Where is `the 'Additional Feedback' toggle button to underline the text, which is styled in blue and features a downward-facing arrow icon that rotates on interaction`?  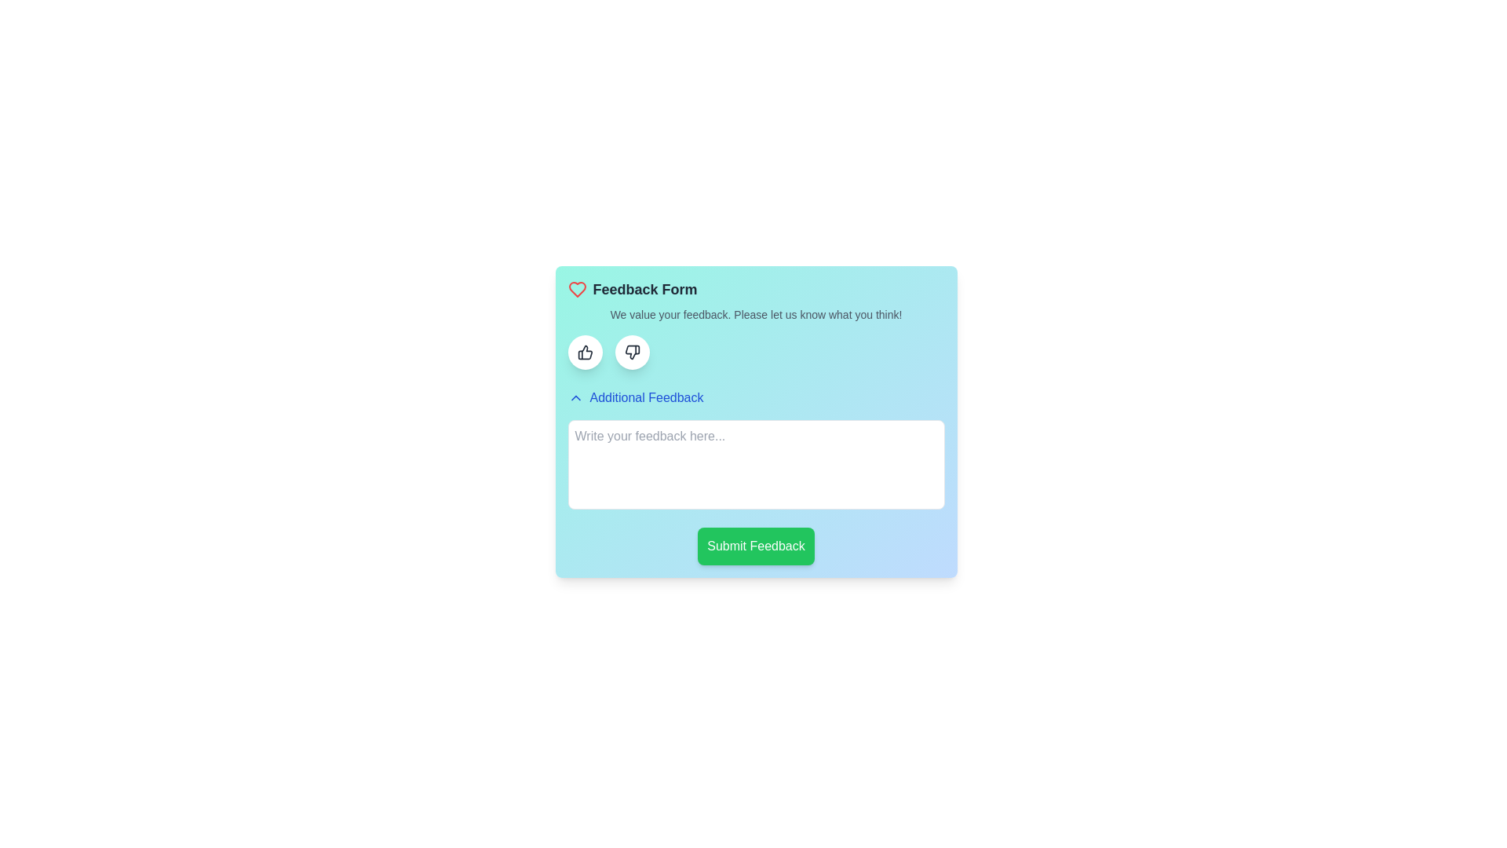 the 'Additional Feedback' toggle button to underline the text, which is styled in blue and features a downward-facing arrow icon that rotates on interaction is located at coordinates (636, 397).